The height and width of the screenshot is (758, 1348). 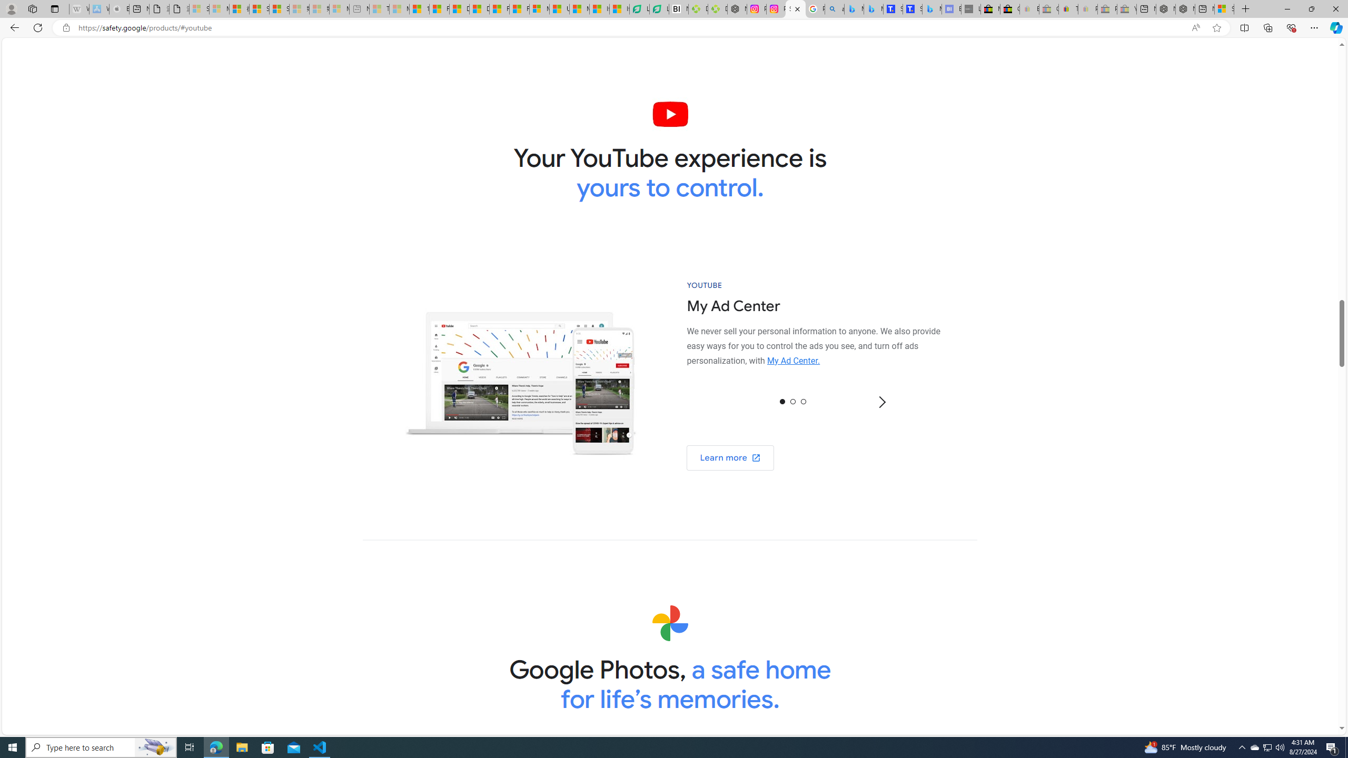 I want to click on 'US Heat Deaths Soared To Record High Last Year', so click(x=559, y=8).